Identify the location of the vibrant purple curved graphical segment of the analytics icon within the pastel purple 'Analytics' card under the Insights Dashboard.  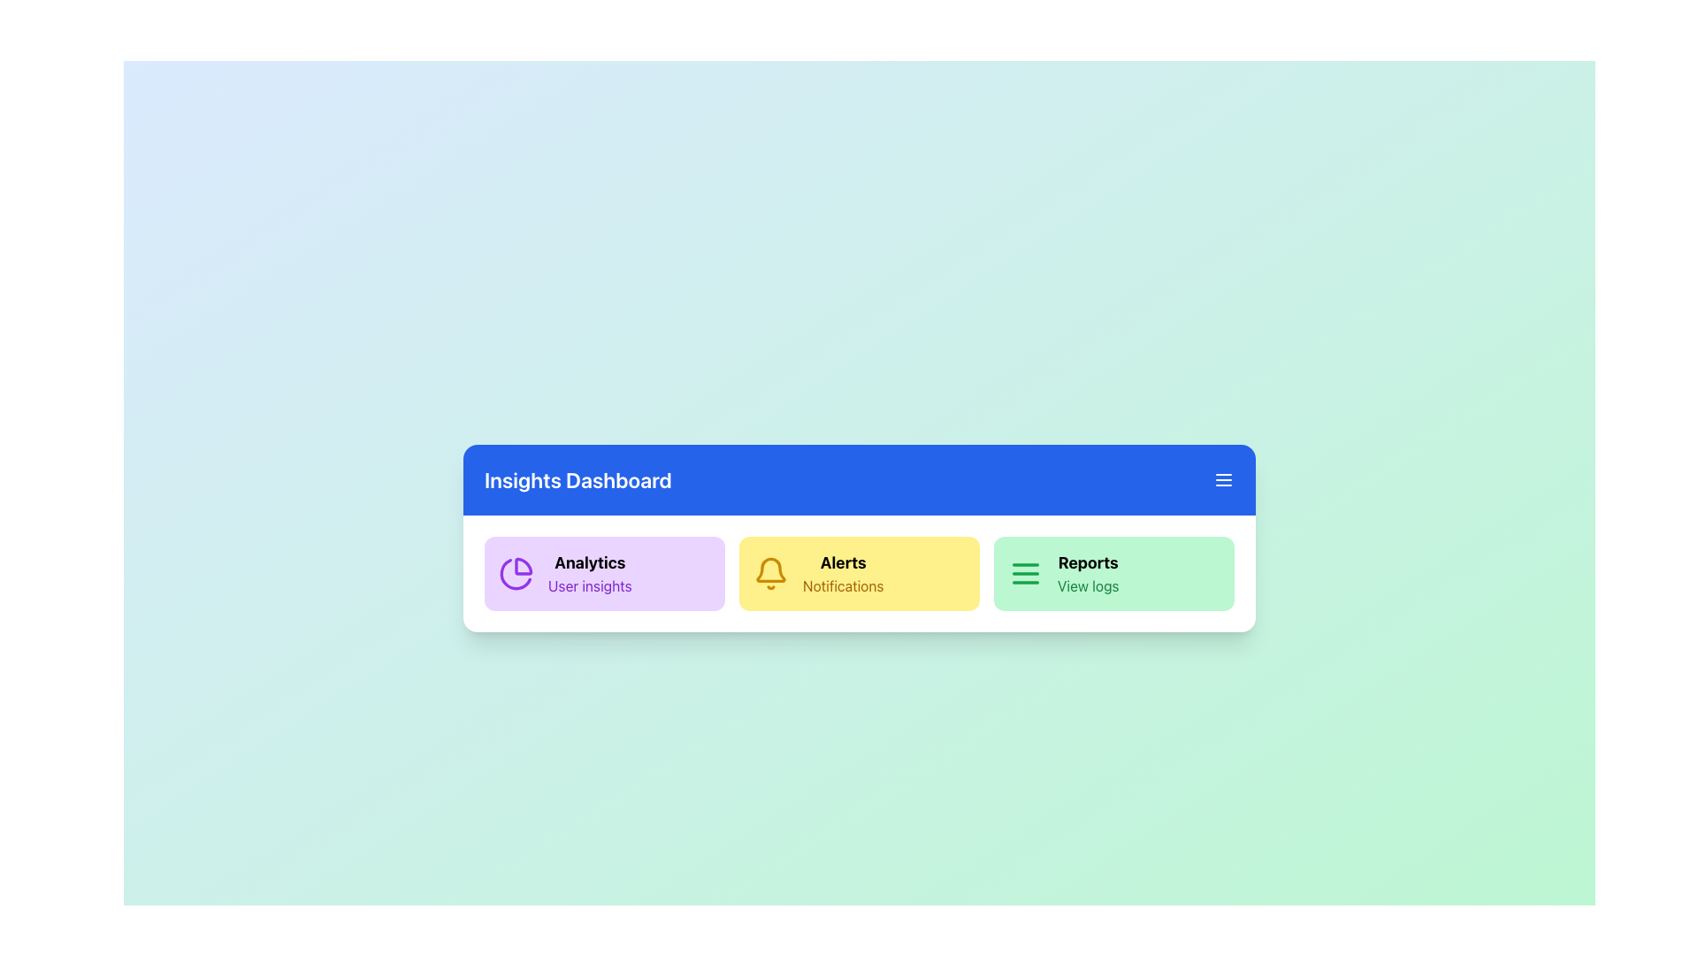
(515, 574).